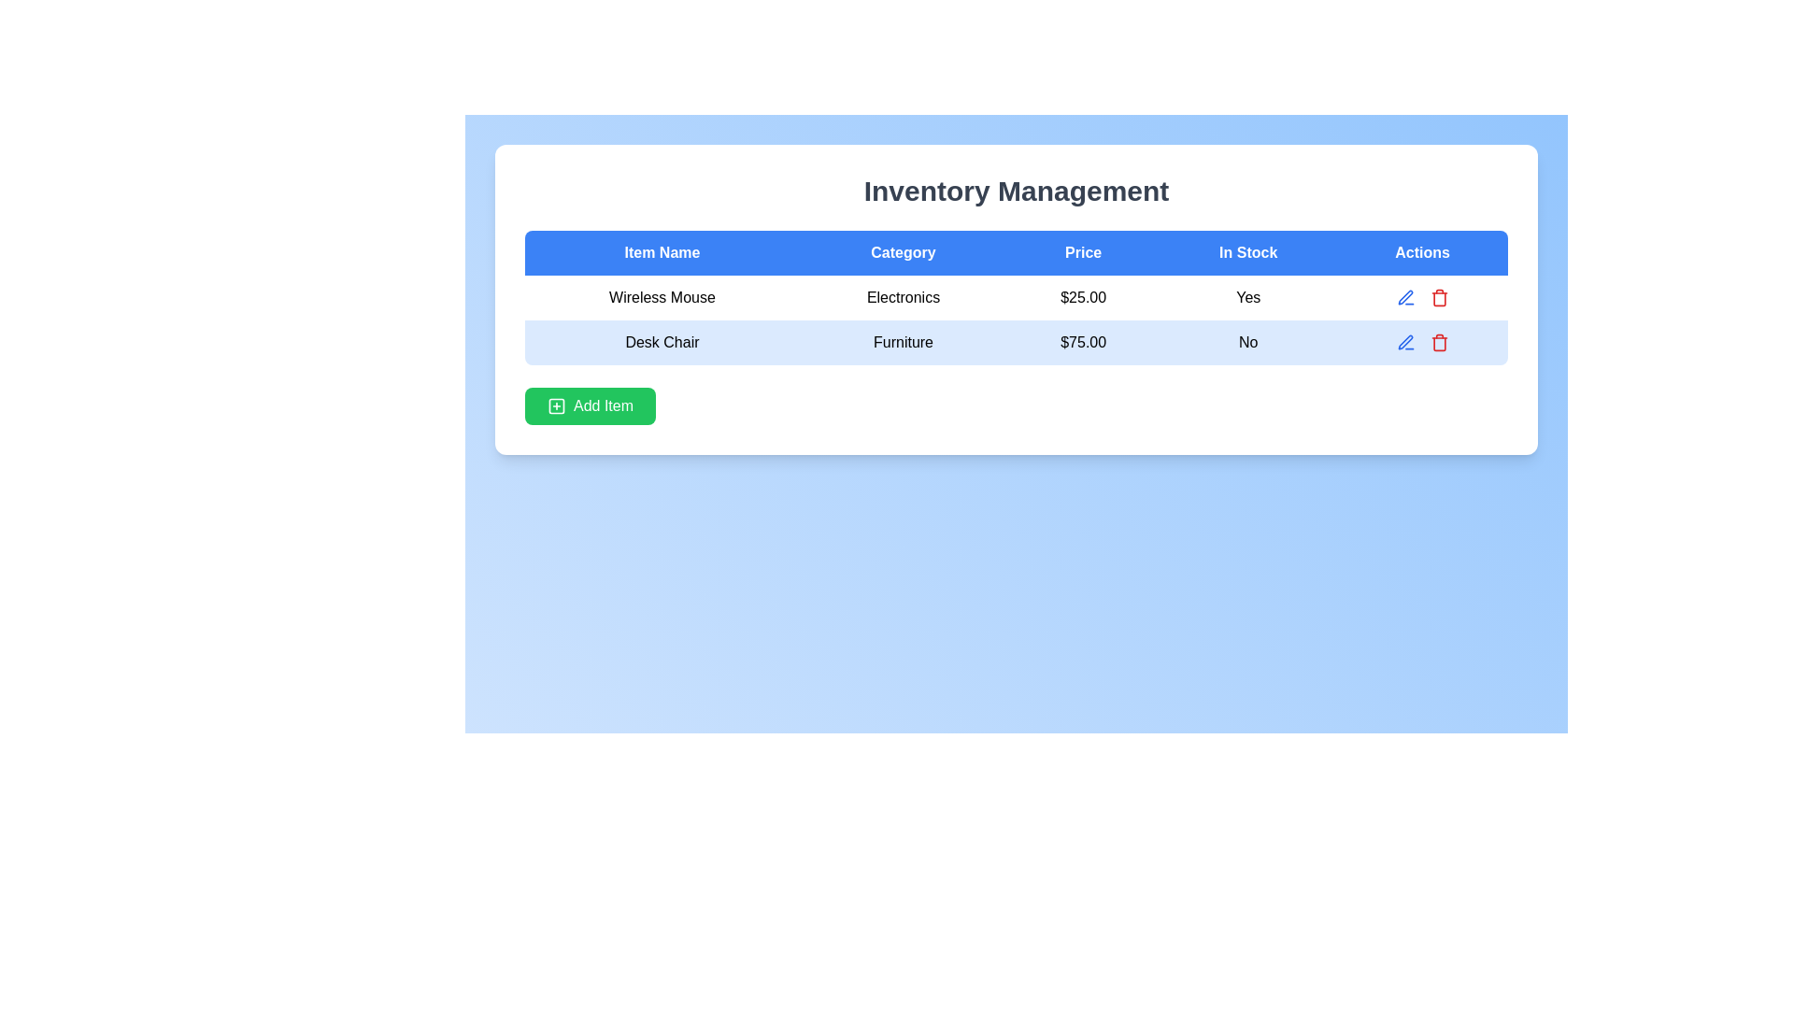 The height and width of the screenshot is (1009, 1794). I want to click on the trash icon located in the rightmost column of the table under the 'Actions' header, representing the delete action for associated items, so click(1438, 344).